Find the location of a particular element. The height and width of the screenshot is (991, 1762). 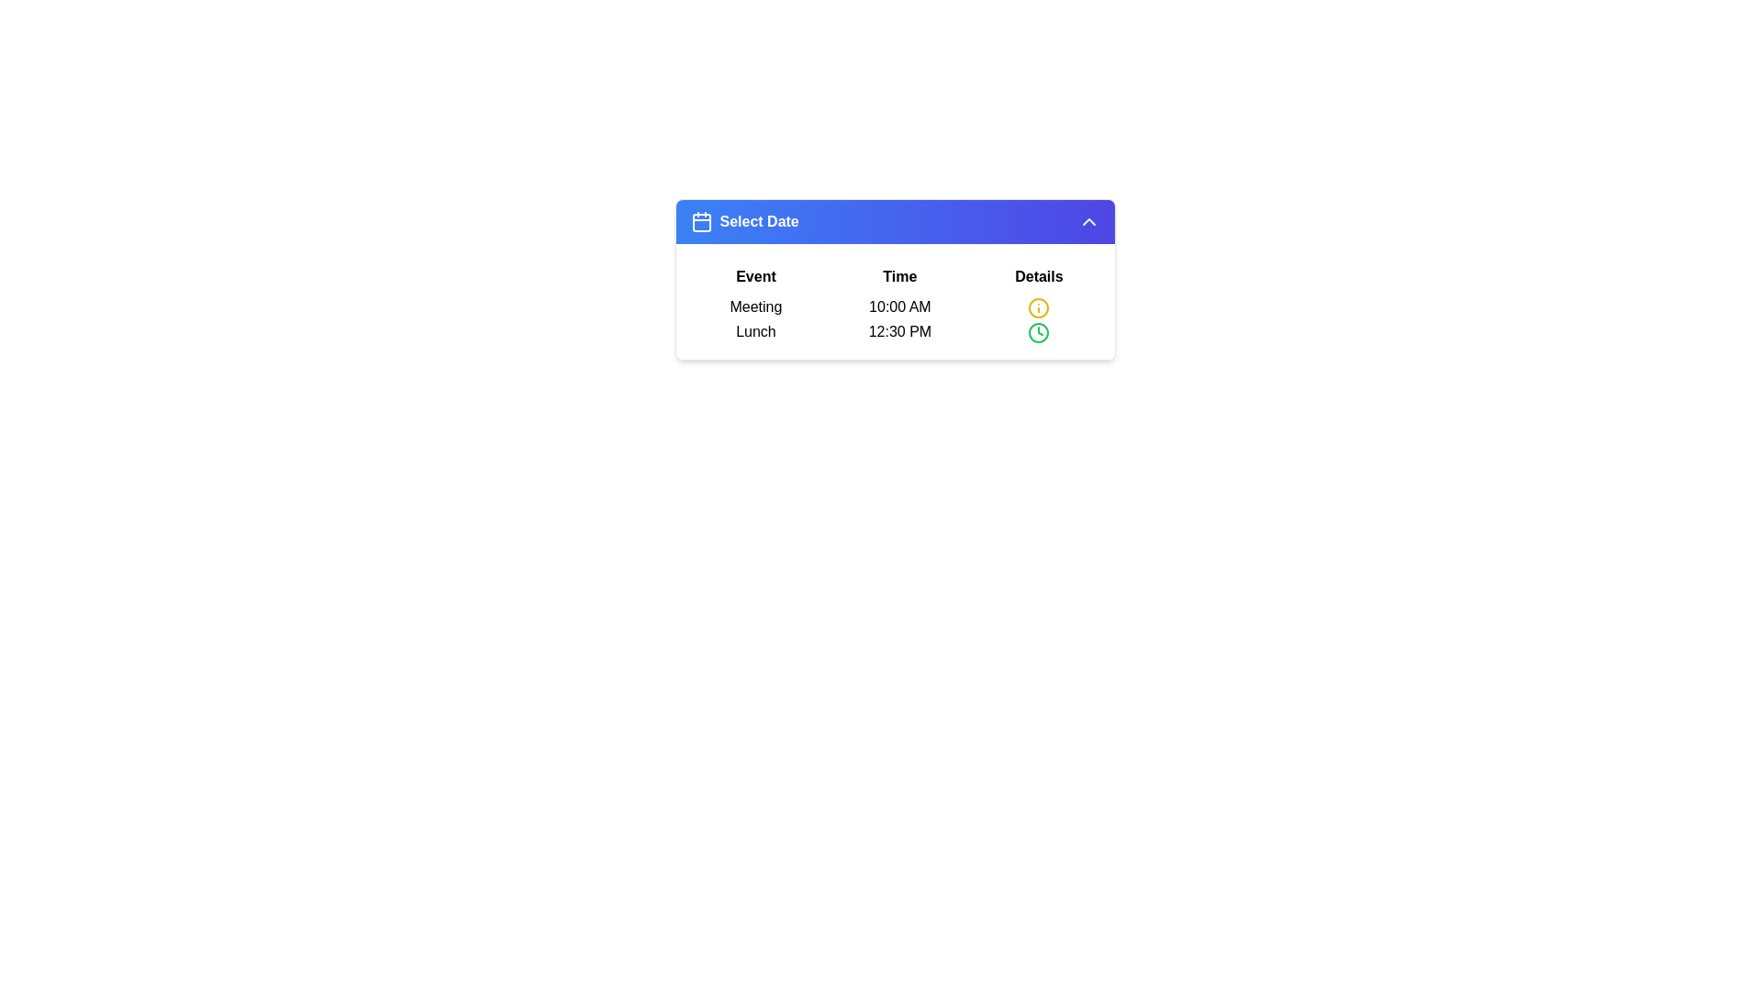

the third subcomponent of the calendar-shaped icon located to the left of the 'Select Date' header section is located at coordinates (700, 222).